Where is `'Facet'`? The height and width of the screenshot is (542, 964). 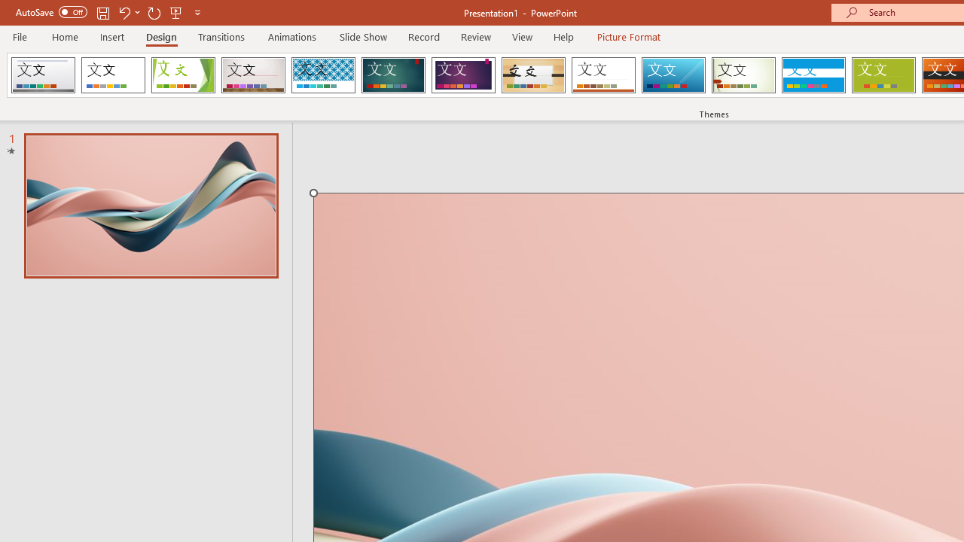
'Facet' is located at coordinates (182, 75).